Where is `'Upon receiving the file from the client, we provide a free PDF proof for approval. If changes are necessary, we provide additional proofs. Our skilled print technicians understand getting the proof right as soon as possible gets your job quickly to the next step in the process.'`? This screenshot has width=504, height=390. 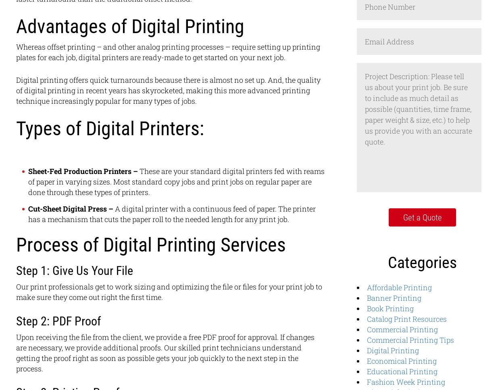 'Upon receiving the file from the client, we provide a free PDF proof for approval. If changes are necessary, we provide additional proofs. Our skilled print technicians understand getting the proof right as soon as possible gets your job quickly to the next step in the process.' is located at coordinates (165, 353).